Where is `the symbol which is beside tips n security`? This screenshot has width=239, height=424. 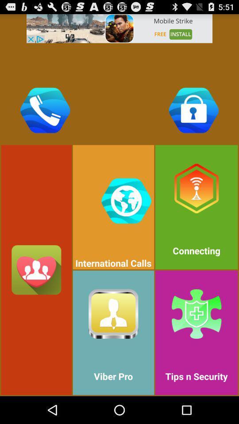 the symbol which is beside tips n security is located at coordinates (113, 314).